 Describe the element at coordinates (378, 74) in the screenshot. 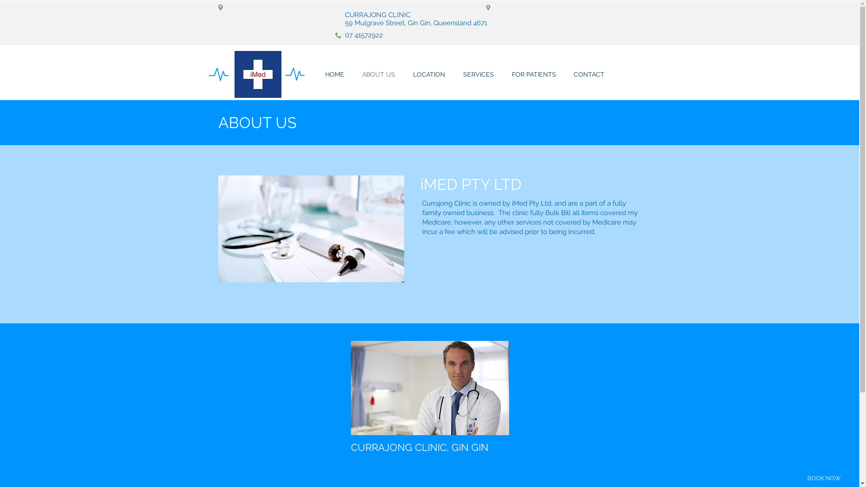

I see `'ABOUT US'` at that location.